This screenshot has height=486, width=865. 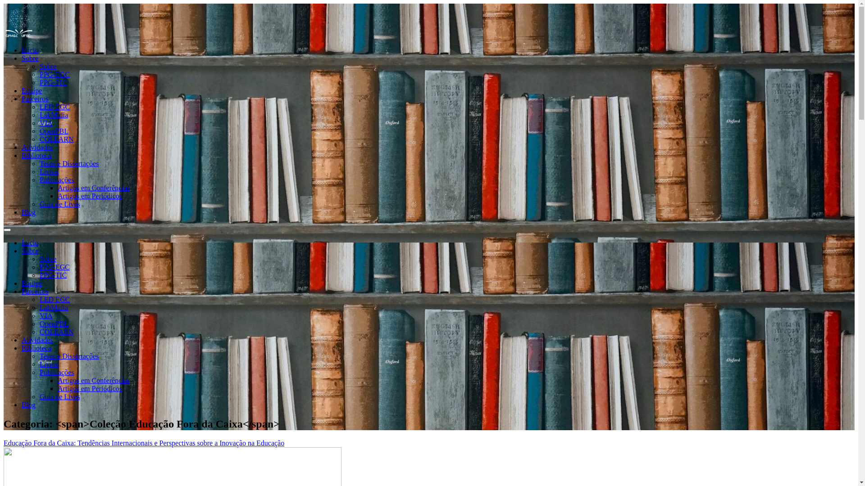 What do you see at coordinates (49, 171) in the screenshot?
I see `'Livros'` at bounding box center [49, 171].